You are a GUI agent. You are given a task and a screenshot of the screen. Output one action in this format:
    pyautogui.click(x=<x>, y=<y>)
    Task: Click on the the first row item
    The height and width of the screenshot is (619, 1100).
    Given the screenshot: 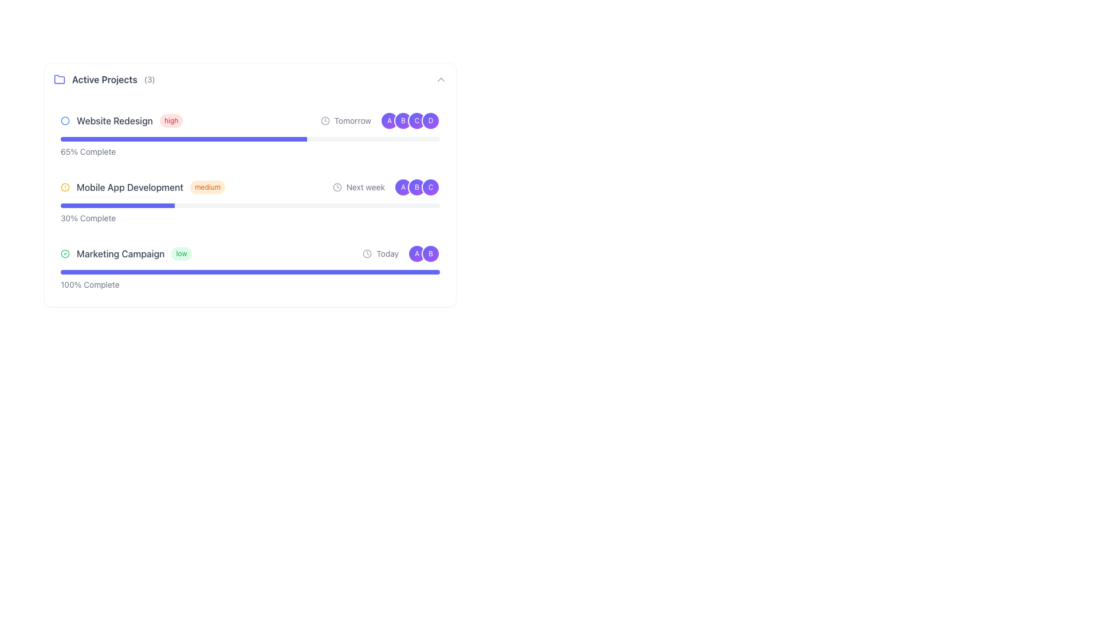 What is the action you would take?
    pyautogui.click(x=190, y=121)
    